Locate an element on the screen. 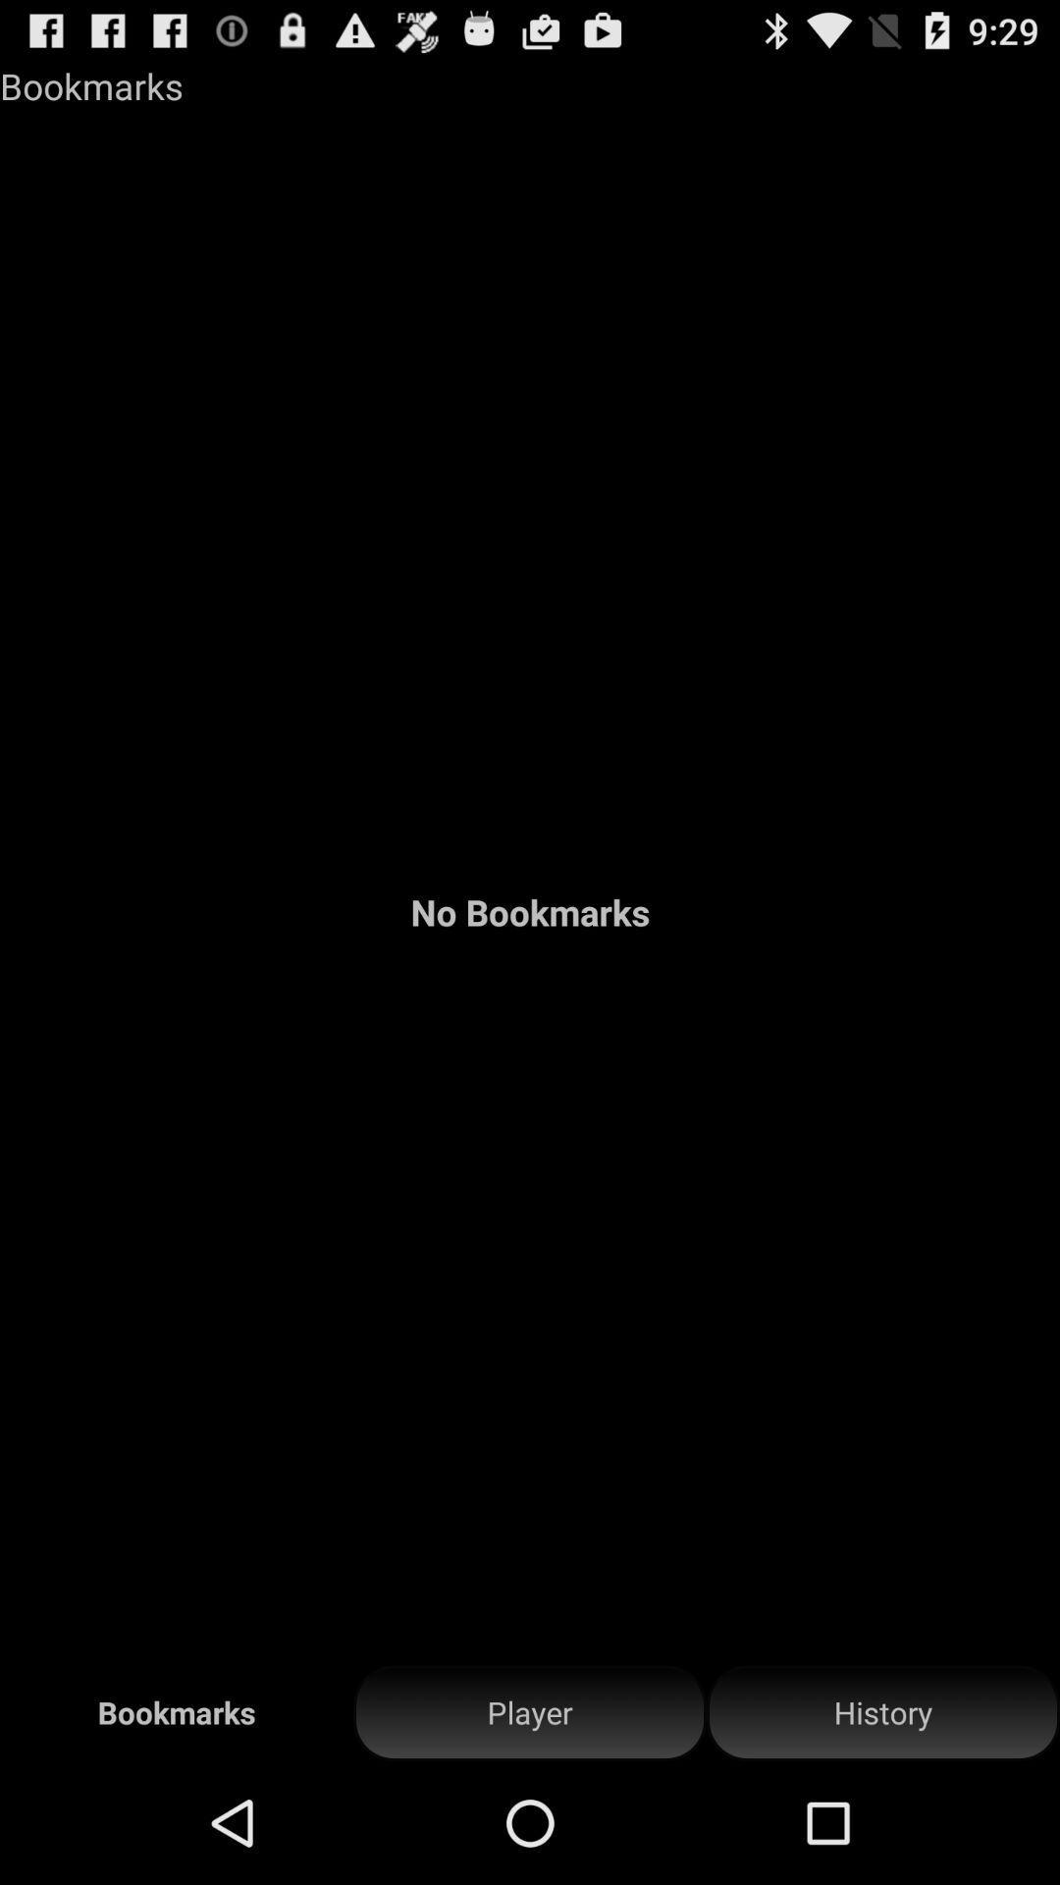 The image size is (1060, 1885). the icon to the left of the history item is located at coordinates (530, 1712).